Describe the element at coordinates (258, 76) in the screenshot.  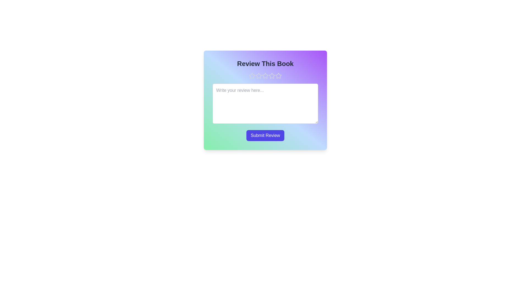
I see `the star corresponding to the desired rating 2` at that location.